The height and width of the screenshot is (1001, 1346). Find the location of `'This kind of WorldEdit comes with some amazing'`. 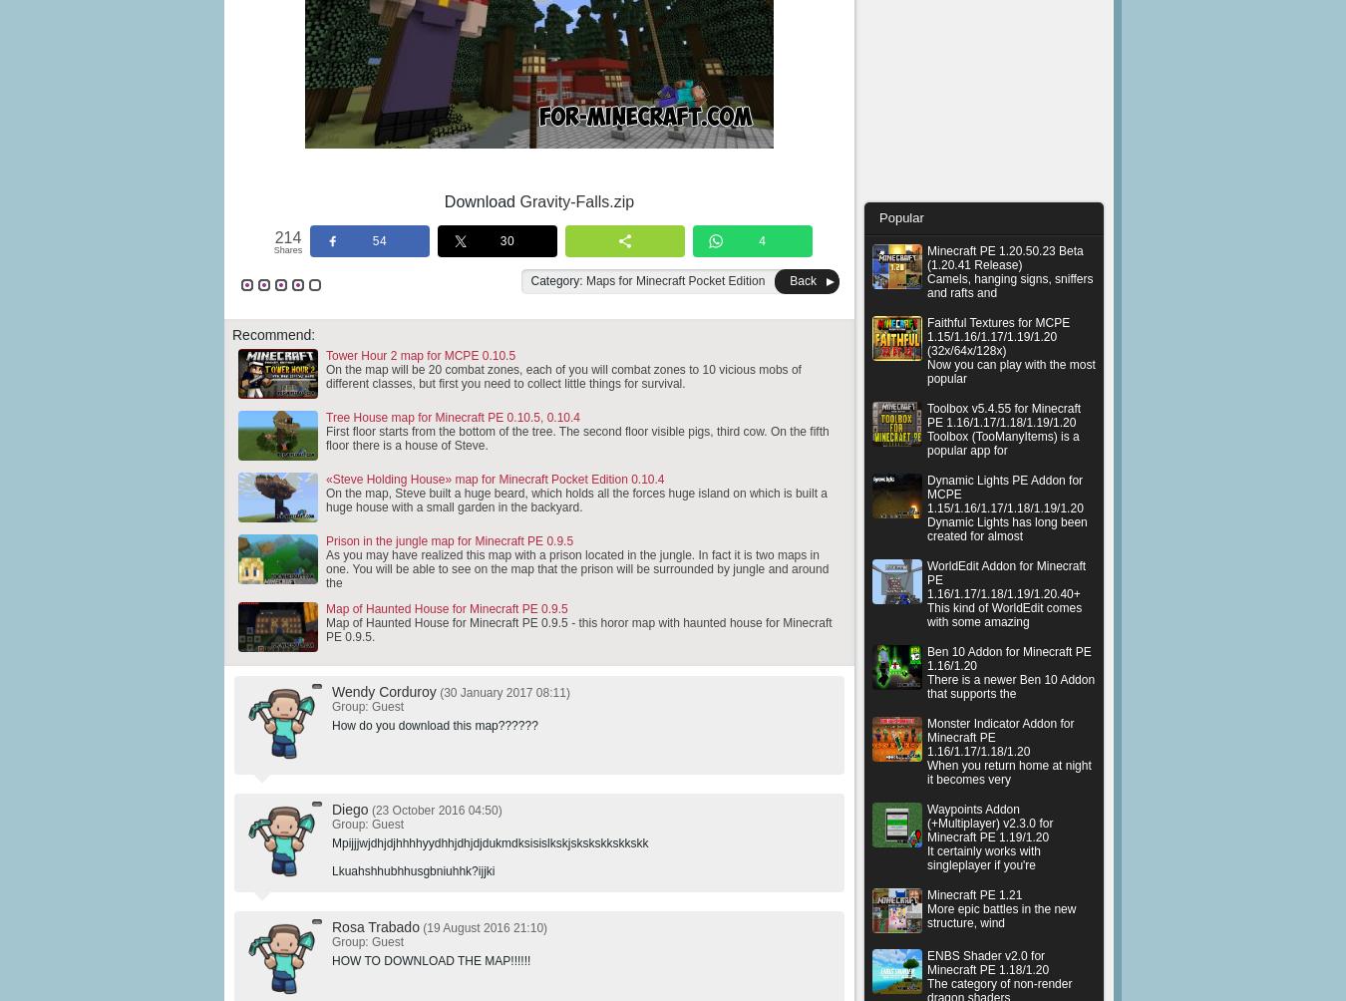

'This kind of WorldEdit comes with some amazing' is located at coordinates (1003, 614).